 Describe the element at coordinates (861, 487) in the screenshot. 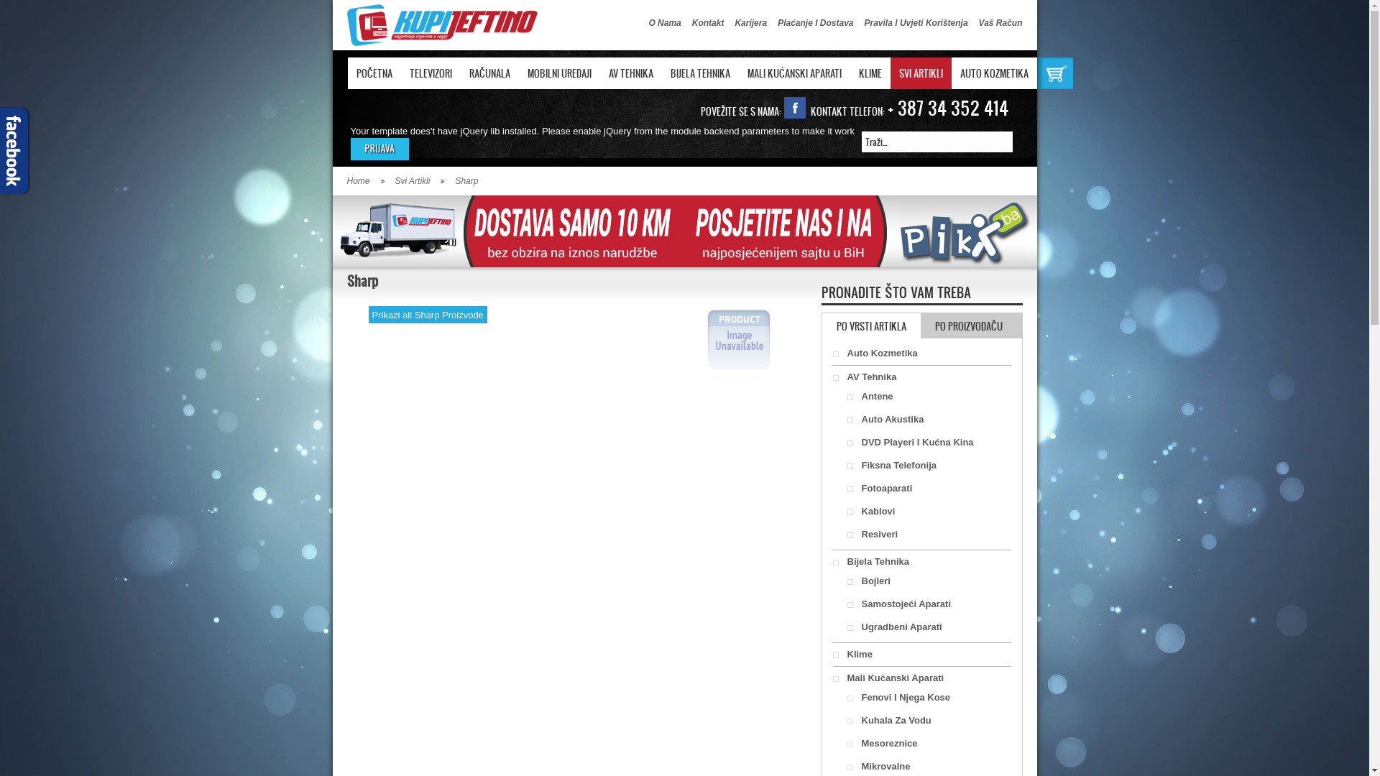

I see `'Fotoaparati'` at that location.